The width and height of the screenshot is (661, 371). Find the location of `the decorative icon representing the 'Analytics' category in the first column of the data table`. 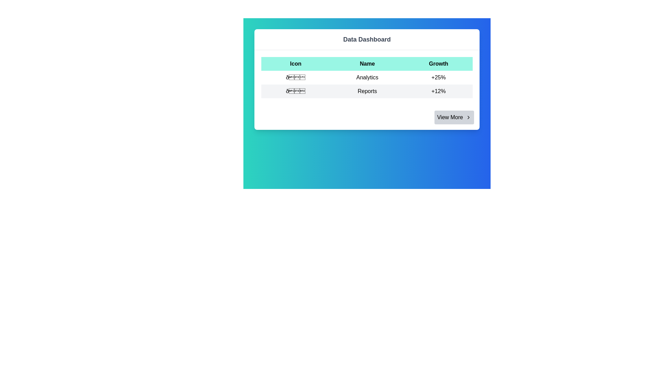

the decorative icon representing the 'Analytics' category in the first column of the data table is located at coordinates (296, 77).